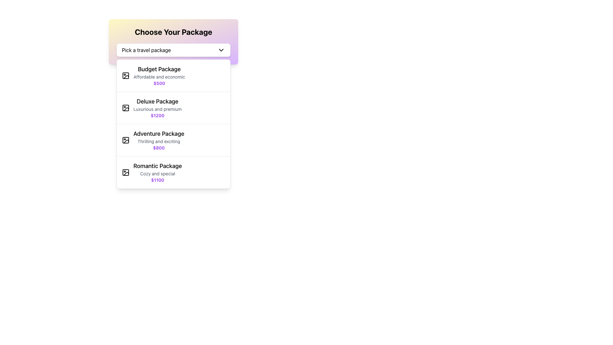 The width and height of the screenshot is (613, 345). Describe the element at coordinates (159, 141) in the screenshot. I see `the static text that describes the 'Adventure Package', which is located beneath the heading 'Adventure Package' and above the price segment marked as '$800'` at that location.